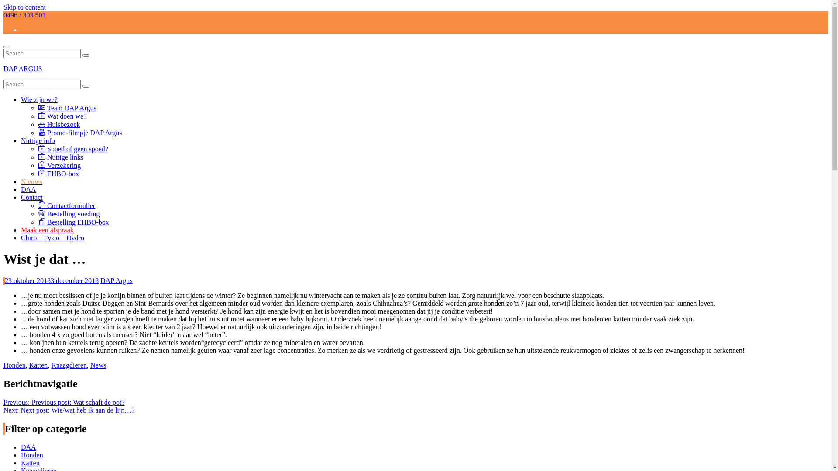 The image size is (838, 471). I want to click on '23 oktober 20183 december 2018', so click(51, 280).